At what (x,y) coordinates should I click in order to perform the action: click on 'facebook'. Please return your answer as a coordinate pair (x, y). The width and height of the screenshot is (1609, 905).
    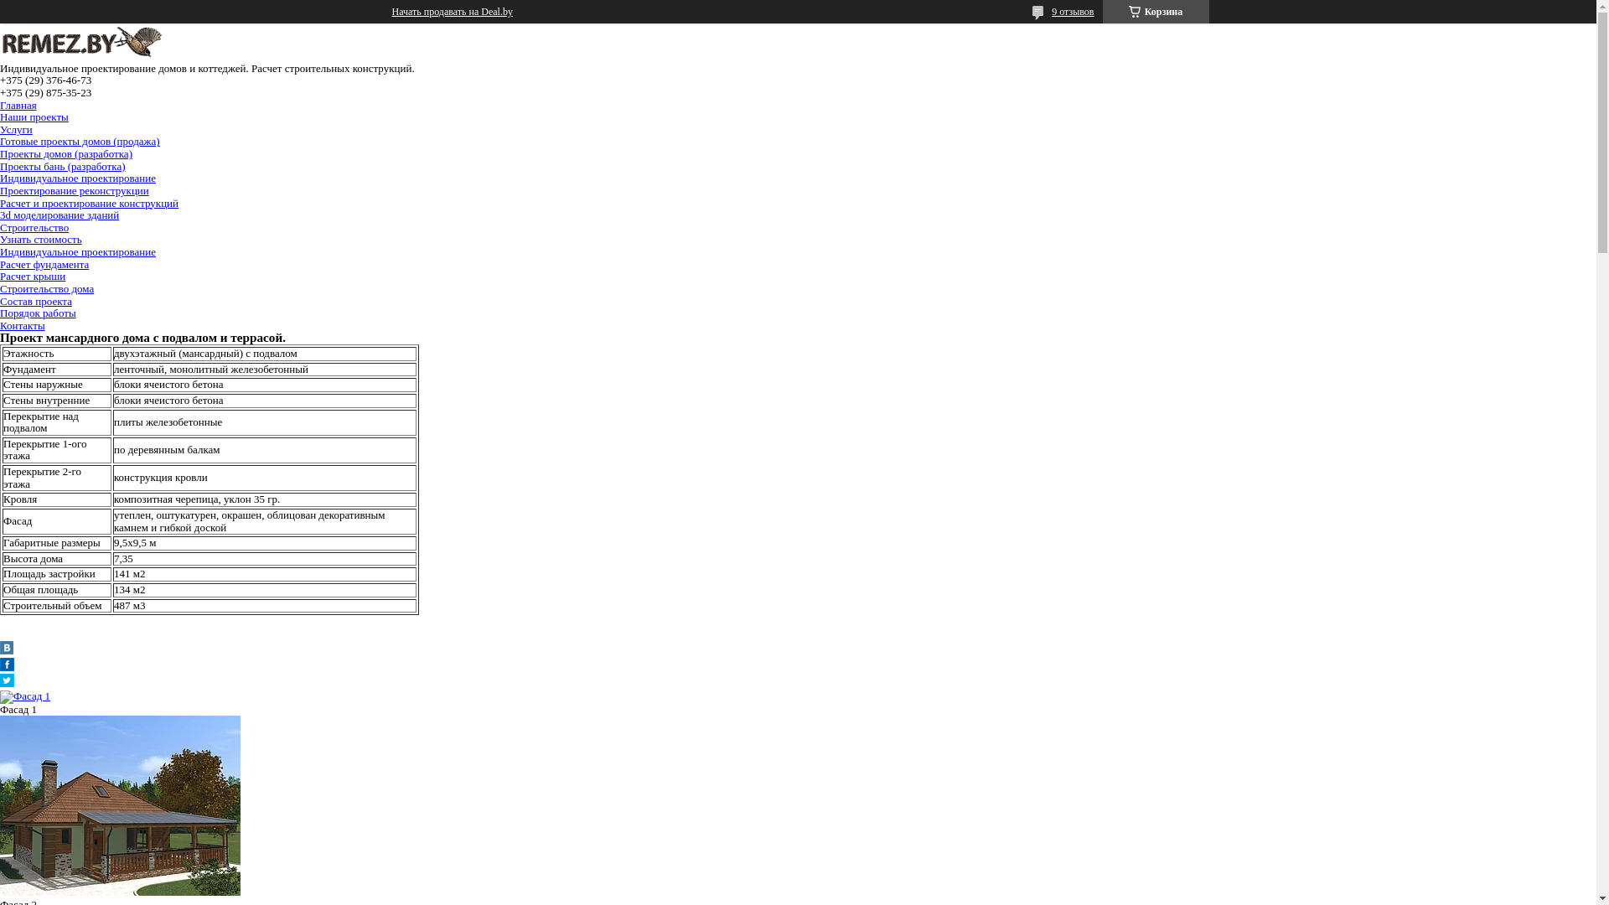
    Looking at the image, I should click on (0, 665).